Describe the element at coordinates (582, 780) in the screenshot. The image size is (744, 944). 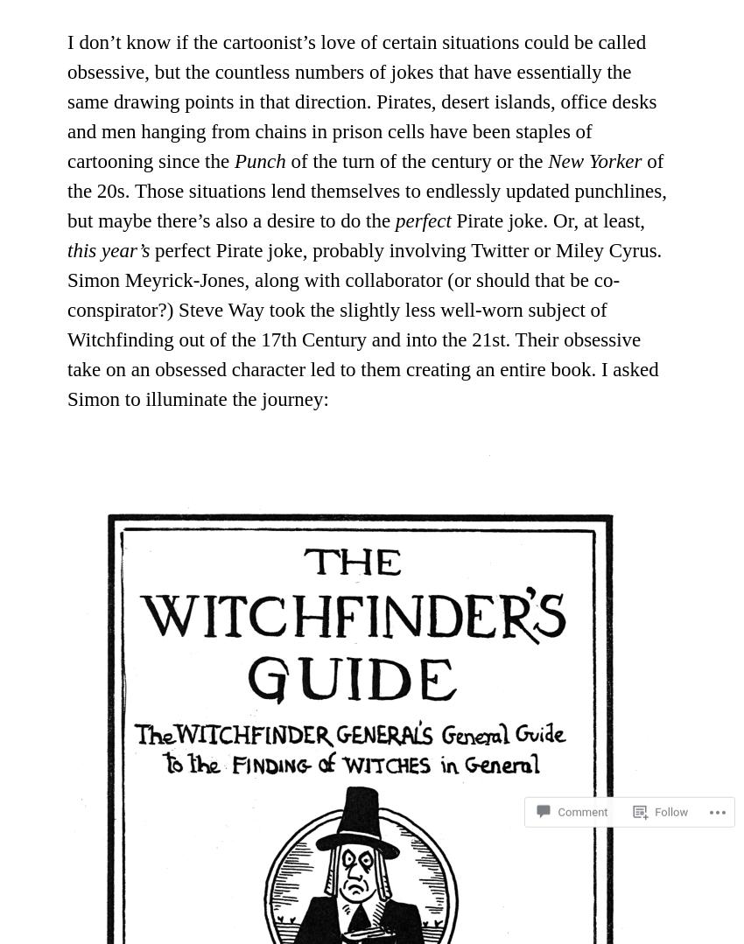
I see `'Comment'` at that location.